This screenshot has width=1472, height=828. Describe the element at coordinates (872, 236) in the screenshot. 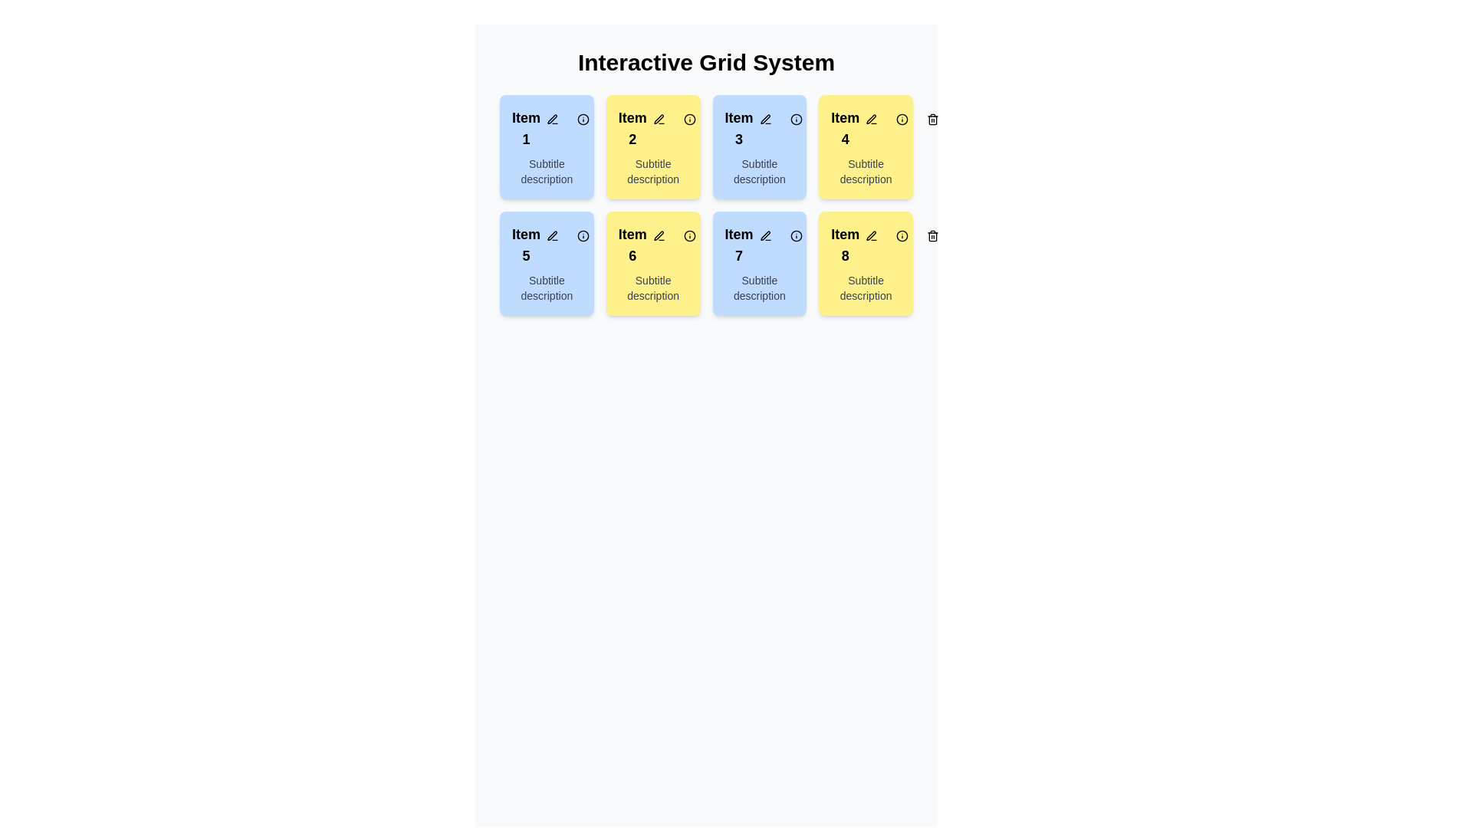

I see `the circular button with a pen icon located in the bottom-right corner of the grid layout, which is the first of three interactive buttons aligned horizontally to the right of 'Item 8', to visualize the hover effects` at that location.